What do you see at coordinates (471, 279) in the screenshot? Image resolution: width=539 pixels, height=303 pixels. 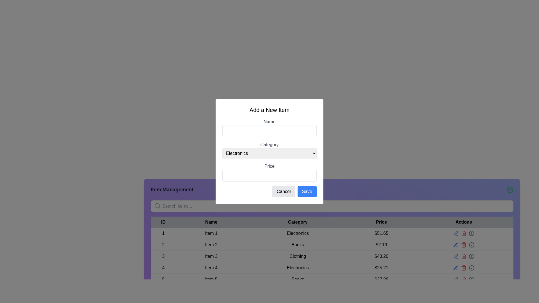 I see `the circular graphical icon component representing general information located in the lower-right area of the central action region of the application` at bounding box center [471, 279].